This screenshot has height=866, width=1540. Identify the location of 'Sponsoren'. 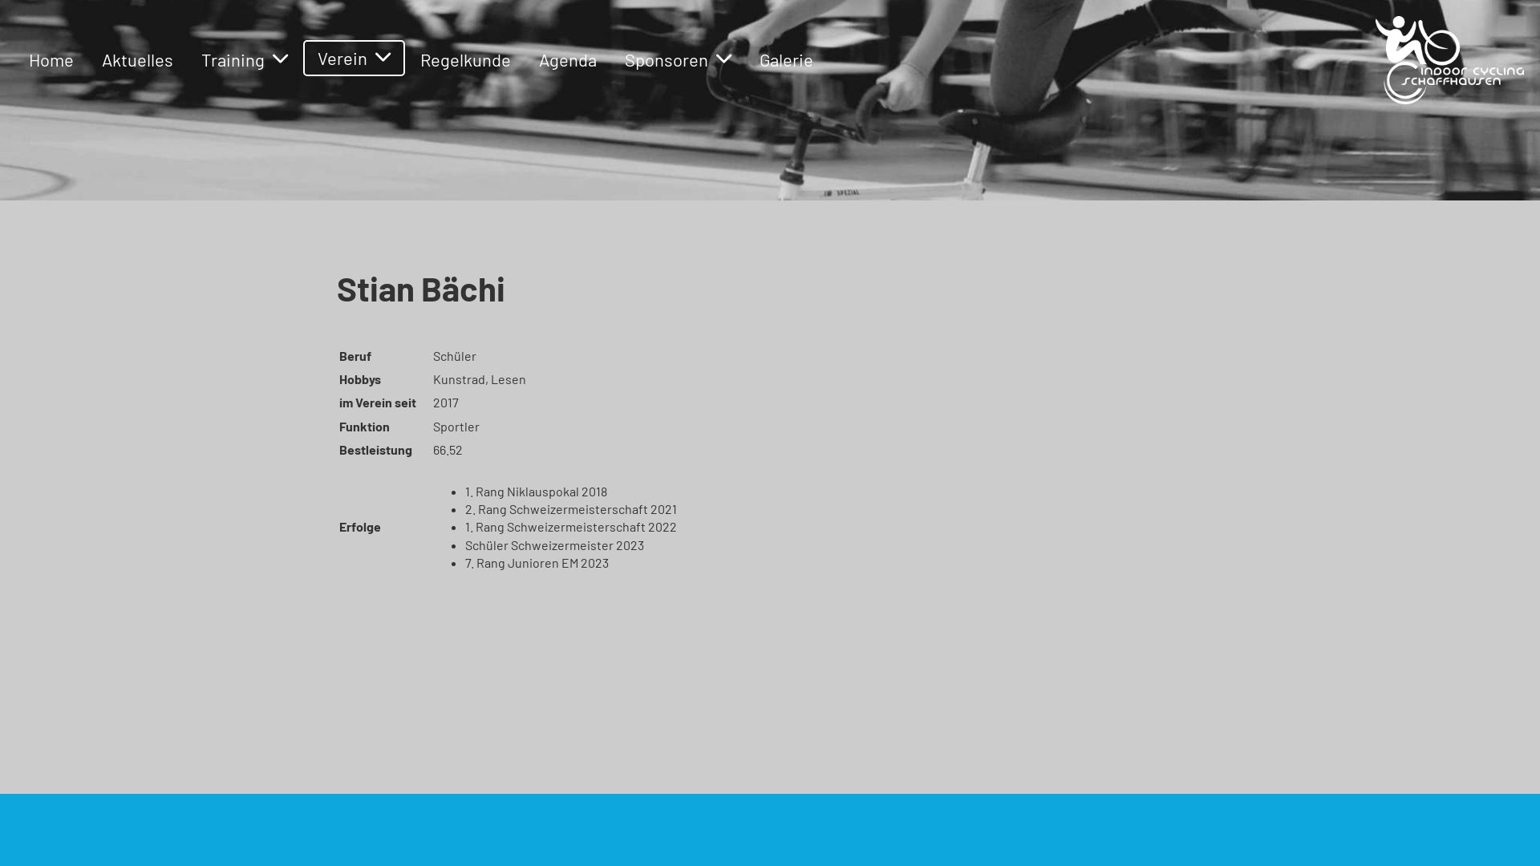
(678, 59).